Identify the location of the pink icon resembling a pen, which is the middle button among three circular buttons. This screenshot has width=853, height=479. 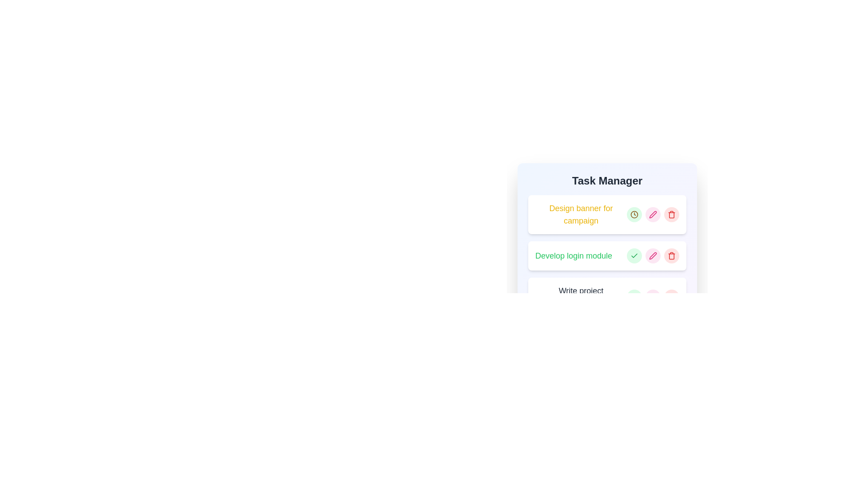
(653, 256).